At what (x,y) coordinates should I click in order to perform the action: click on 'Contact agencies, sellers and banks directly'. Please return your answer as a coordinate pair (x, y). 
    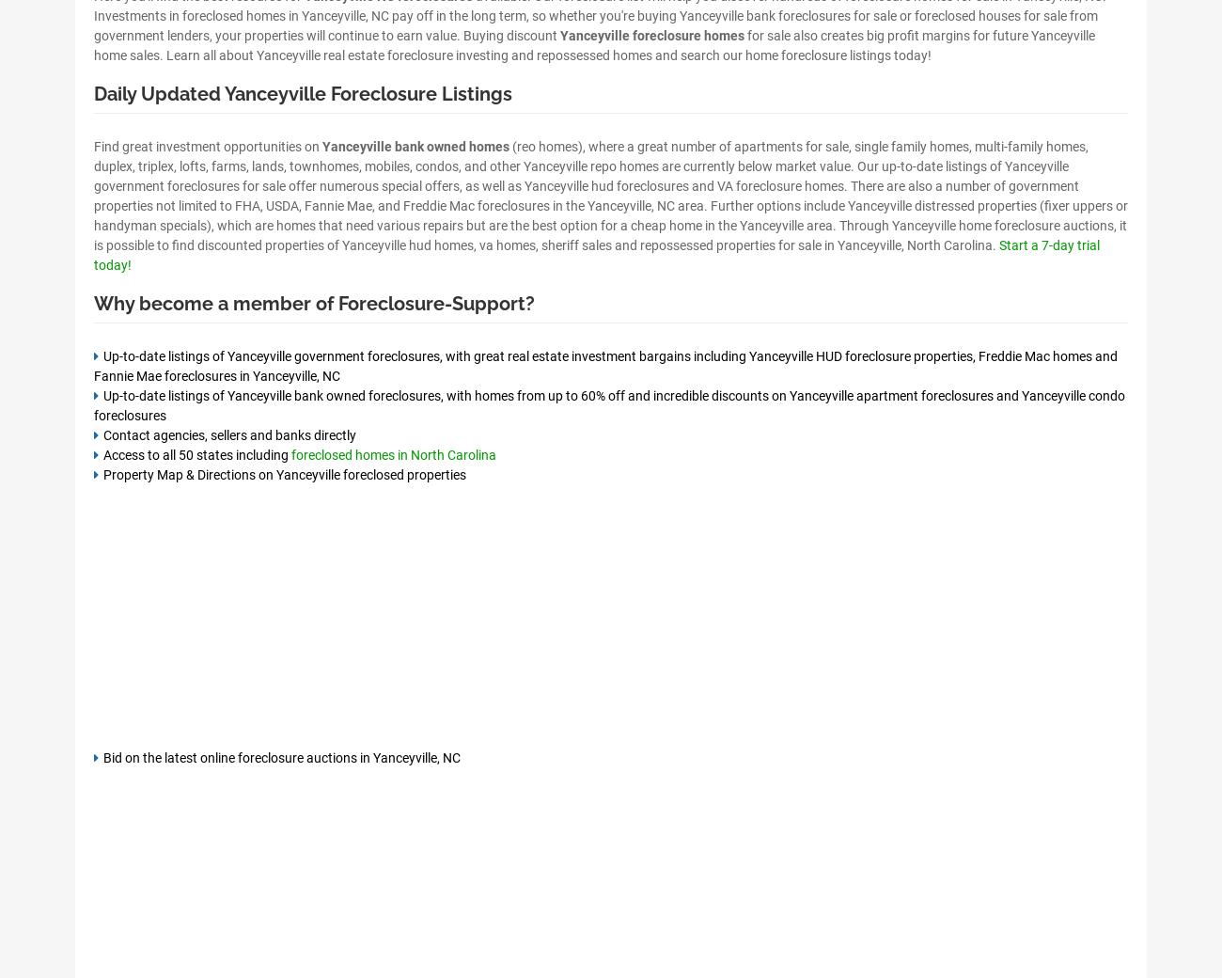
    Looking at the image, I should click on (228, 434).